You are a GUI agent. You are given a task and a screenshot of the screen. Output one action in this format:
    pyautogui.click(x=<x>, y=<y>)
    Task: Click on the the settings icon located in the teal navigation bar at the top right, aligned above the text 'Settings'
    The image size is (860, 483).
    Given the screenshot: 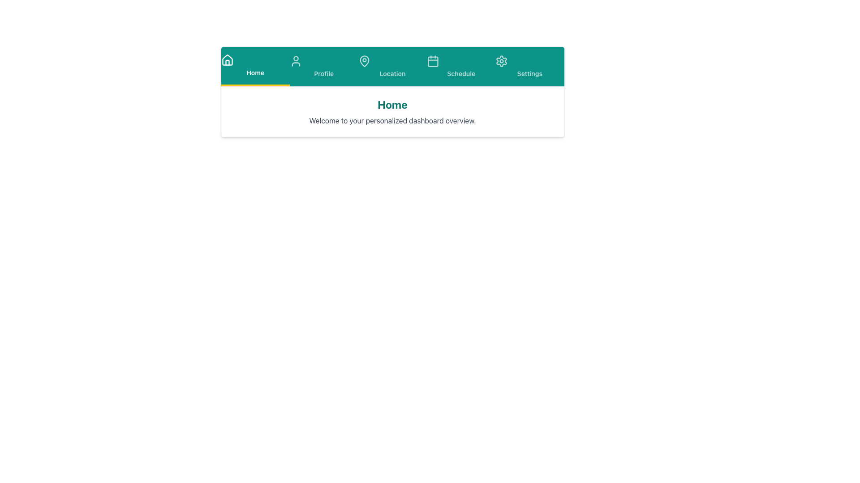 What is the action you would take?
    pyautogui.click(x=502, y=61)
    